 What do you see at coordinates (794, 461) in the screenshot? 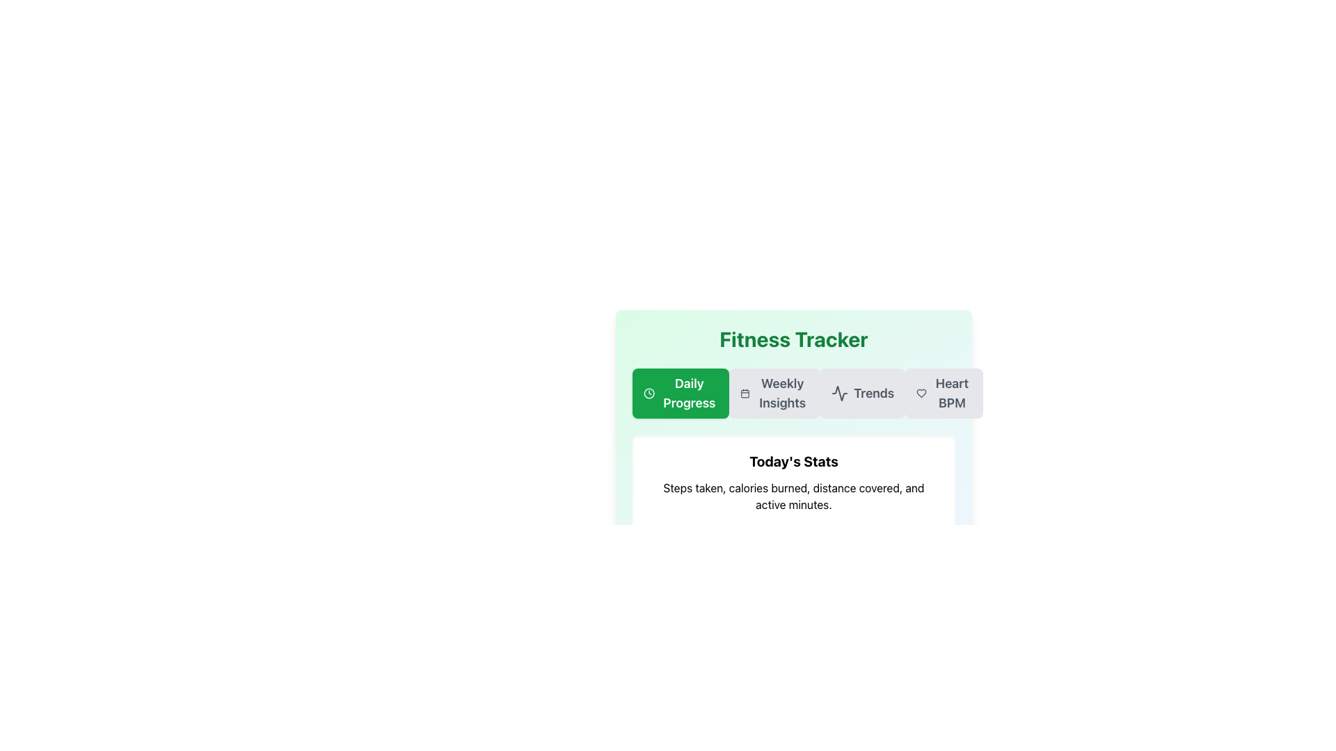
I see `the bold, extra-large text header displaying 'Today's Stats' located near the center of the health tracking interface` at bounding box center [794, 461].